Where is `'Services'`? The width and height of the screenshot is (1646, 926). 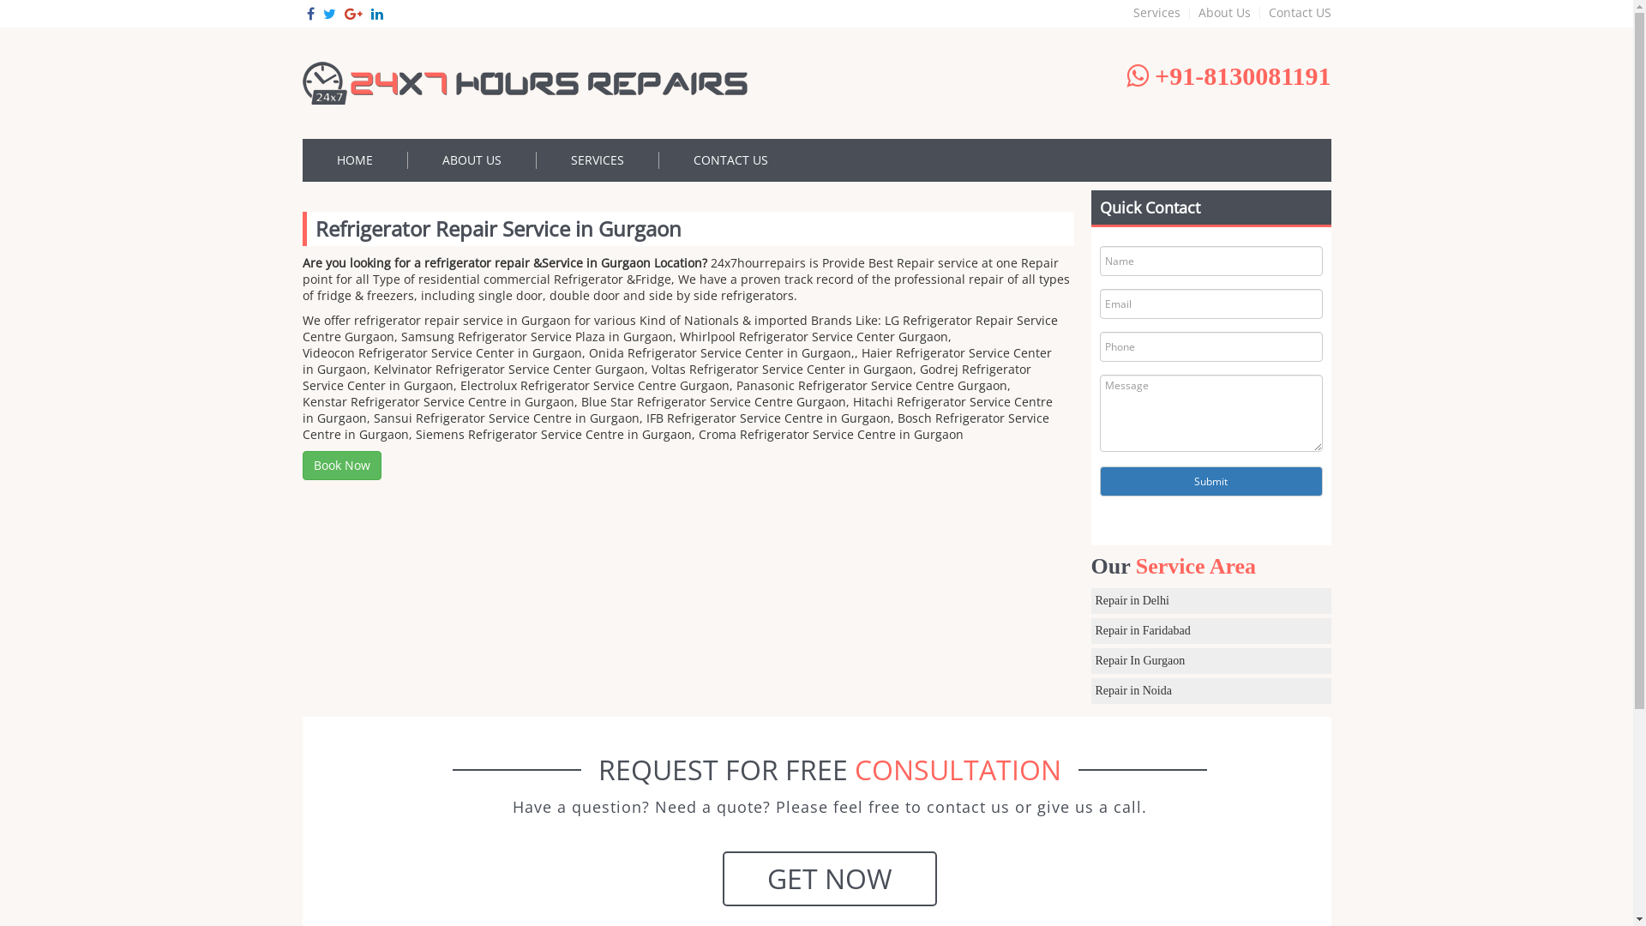 'Services' is located at coordinates (1156, 13).